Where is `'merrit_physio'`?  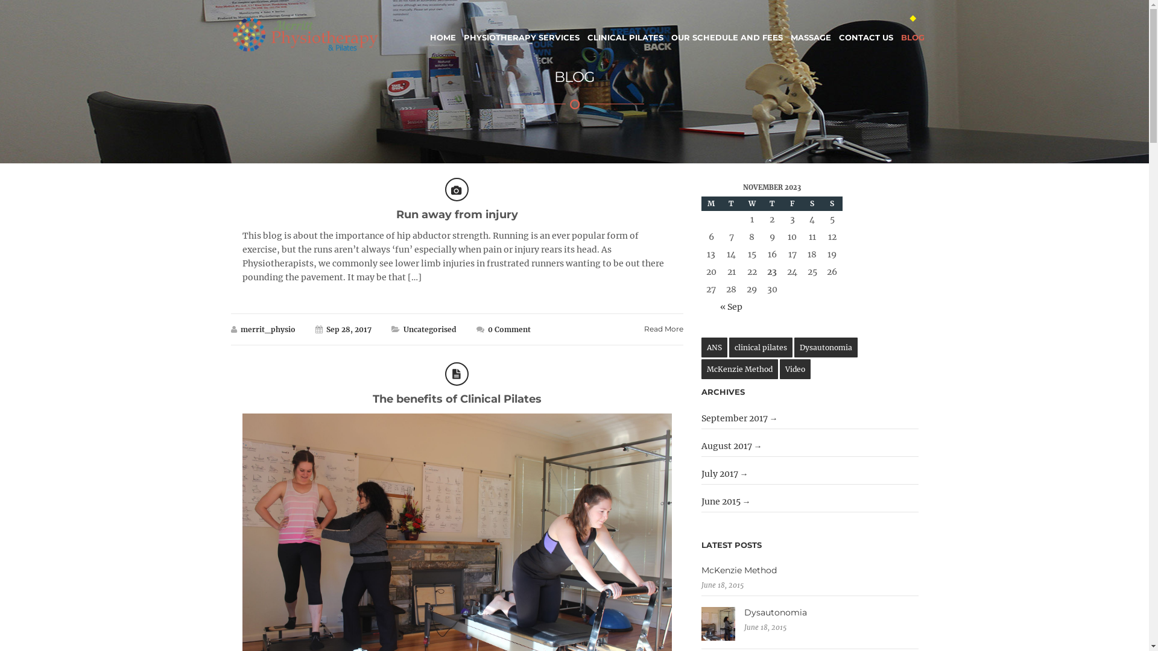 'merrit_physio' is located at coordinates (267, 329).